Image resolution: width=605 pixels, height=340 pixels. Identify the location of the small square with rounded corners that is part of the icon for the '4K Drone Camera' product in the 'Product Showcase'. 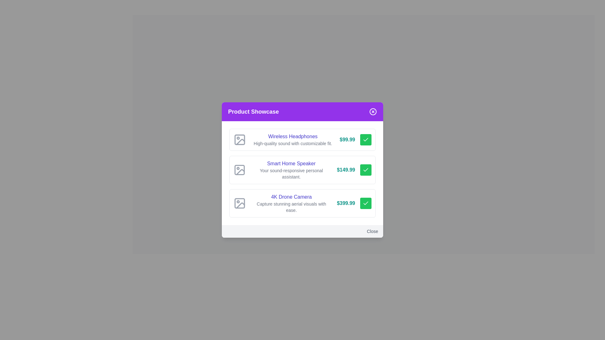
(239, 203).